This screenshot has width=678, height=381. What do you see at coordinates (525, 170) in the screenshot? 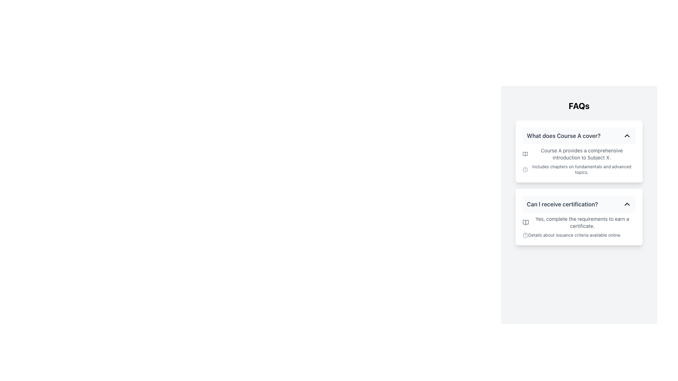
I see `the help icon represented by a question mark inside a gray circle, located next to the text 'Includes chapters on fundamentals and advanced topics.' in the first FAQ item under 'What does Course A cover?'` at bounding box center [525, 170].